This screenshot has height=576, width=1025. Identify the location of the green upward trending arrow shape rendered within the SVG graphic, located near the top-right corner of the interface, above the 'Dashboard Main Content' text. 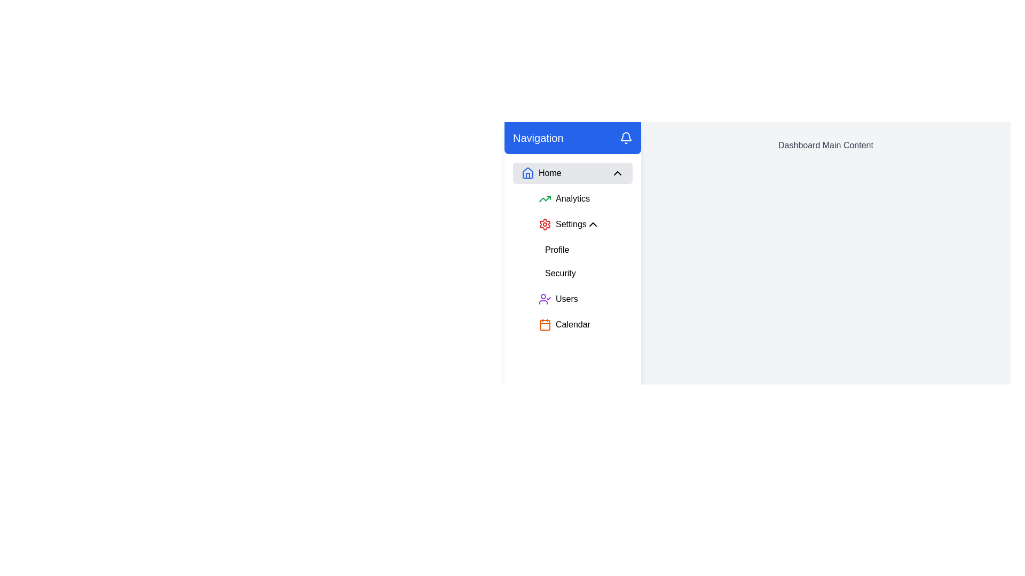
(545, 199).